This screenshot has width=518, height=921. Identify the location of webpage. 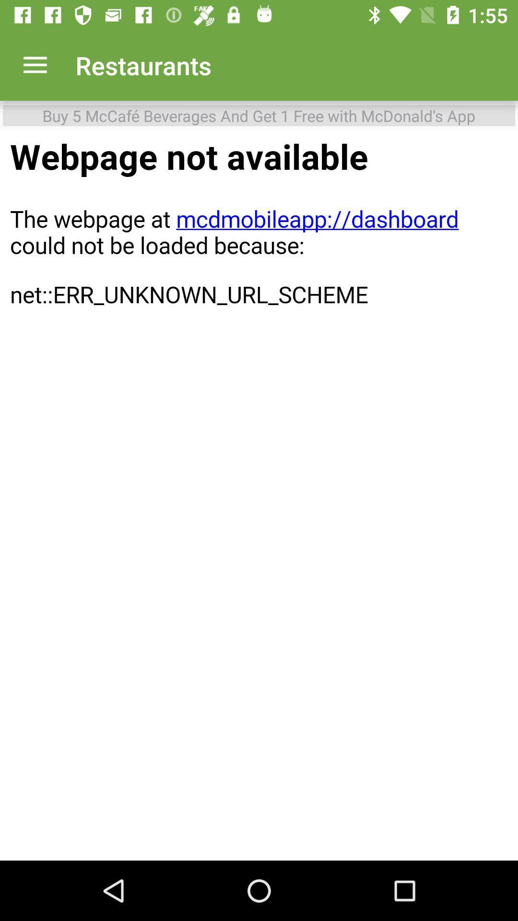
(259, 496).